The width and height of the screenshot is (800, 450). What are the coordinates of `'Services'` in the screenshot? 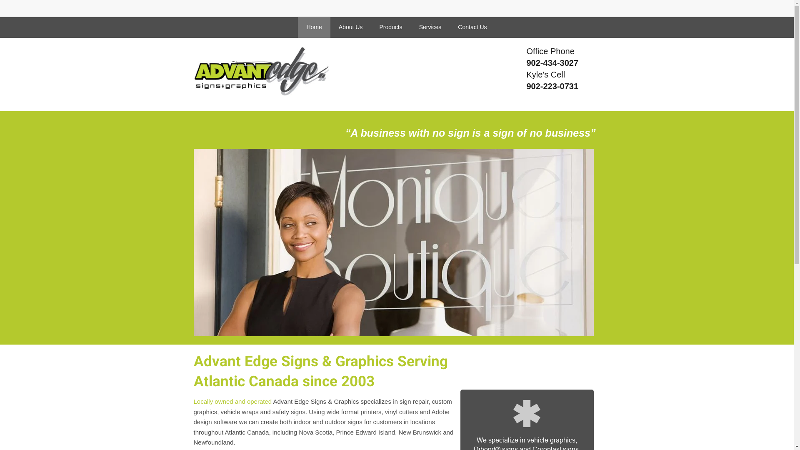 It's located at (430, 27).